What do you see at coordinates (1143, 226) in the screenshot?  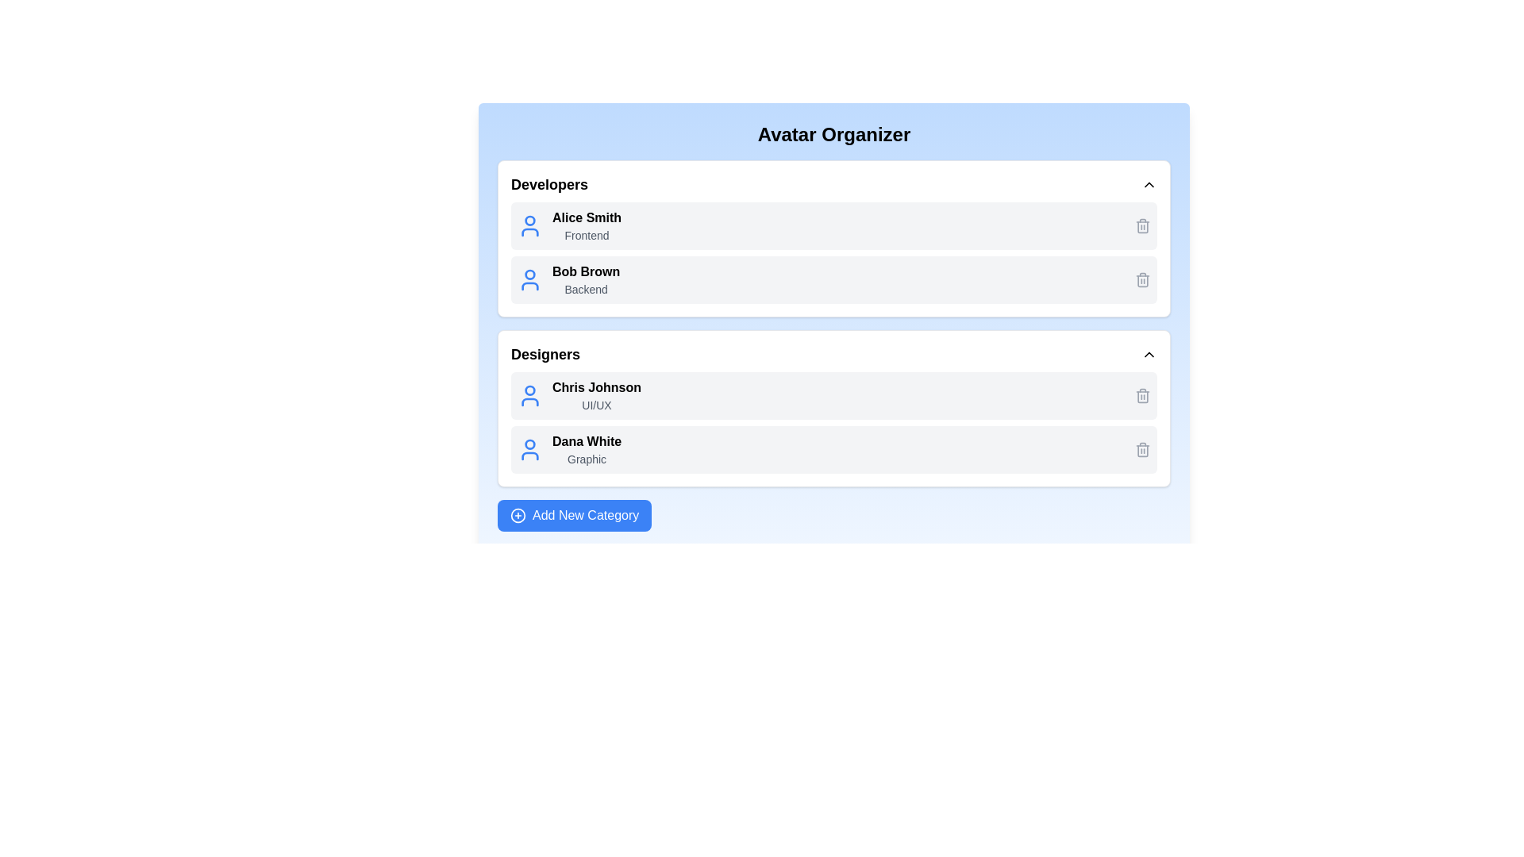 I see `the delete icon located to the right of 'Bob Brown' in the 'Developers' group` at bounding box center [1143, 226].